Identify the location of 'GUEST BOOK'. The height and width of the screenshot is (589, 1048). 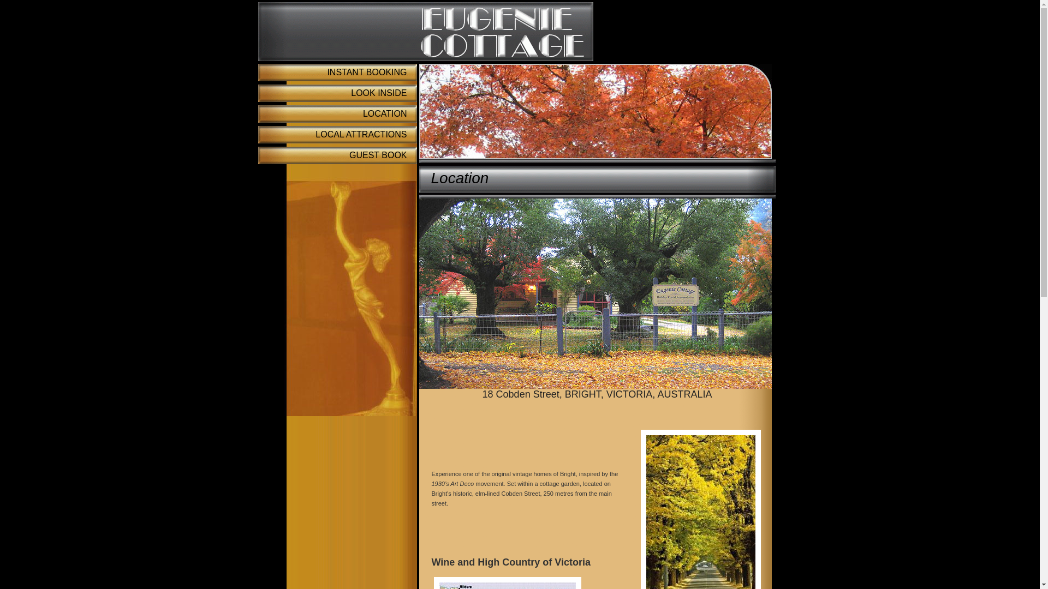
(257, 155).